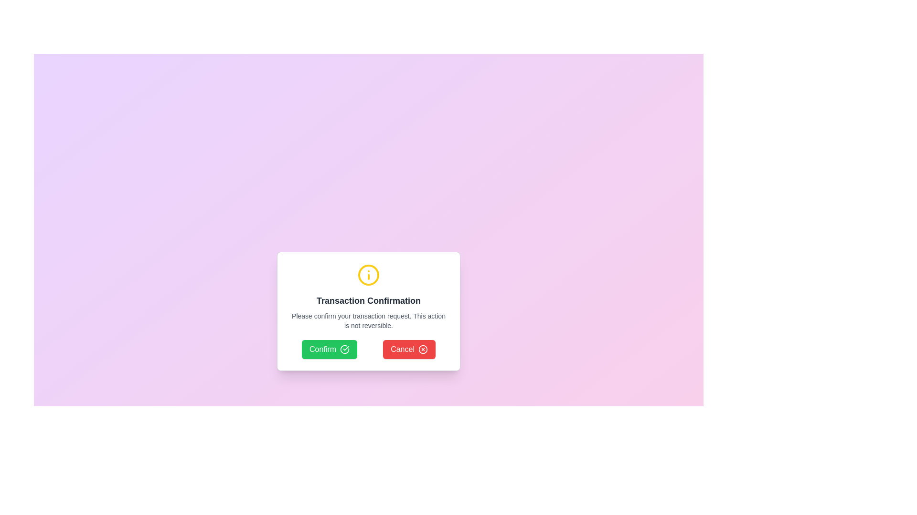 This screenshot has height=515, width=917. Describe the element at coordinates (409, 349) in the screenshot. I see `the cancel action button located in the bottom right section of the modal dialog, next to the 'Confirm' button` at that location.